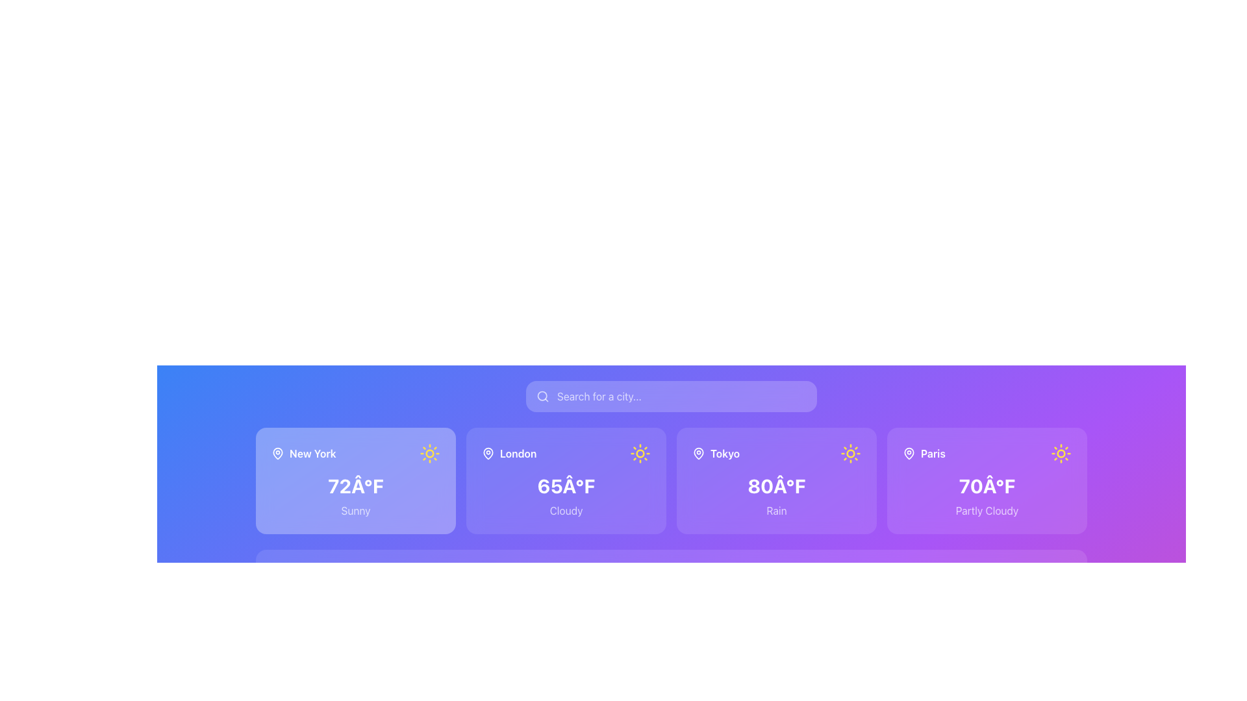 The image size is (1247, 701). I want to click on the text label that identifies the weather card for London, which is positioned in the middle row to the right of a map pin icon, specifically in the second card from the left, so click(518, 452).